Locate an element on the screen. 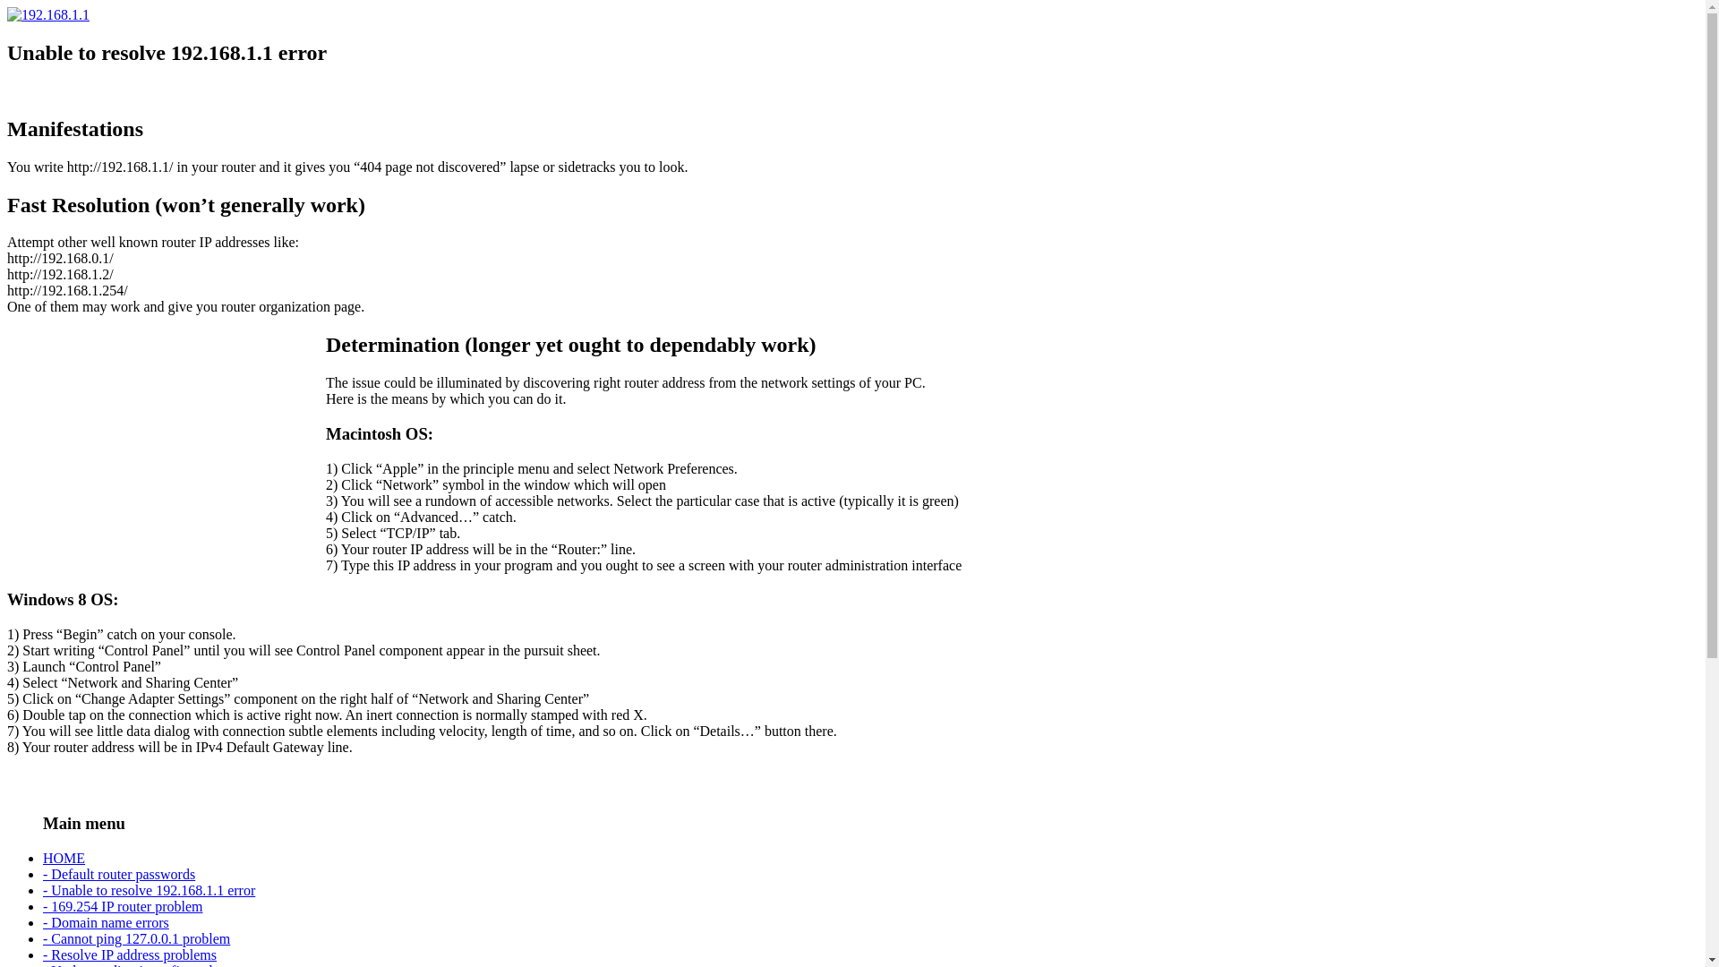 This screenshot has height=967, width=1719. '- Domain name errors' is located at coordinates (105, 922).